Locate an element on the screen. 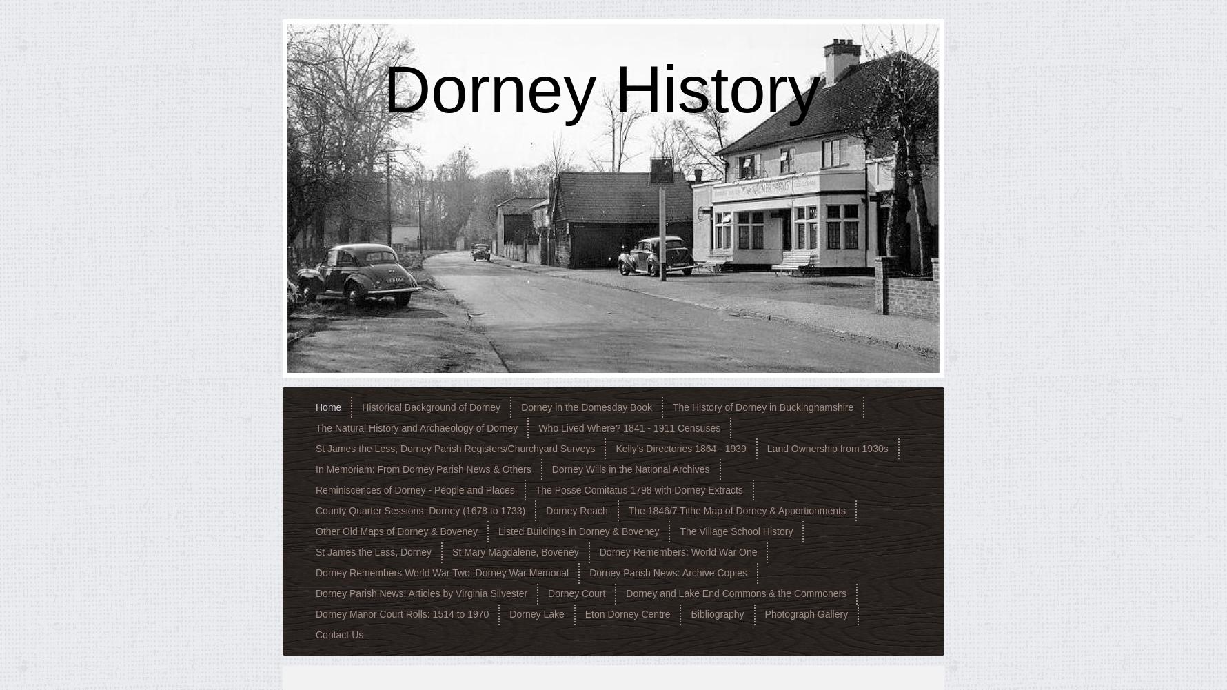 The image size is (1227, 690). 'Historical Background of Dorney' is located at coordinates (431, 406).